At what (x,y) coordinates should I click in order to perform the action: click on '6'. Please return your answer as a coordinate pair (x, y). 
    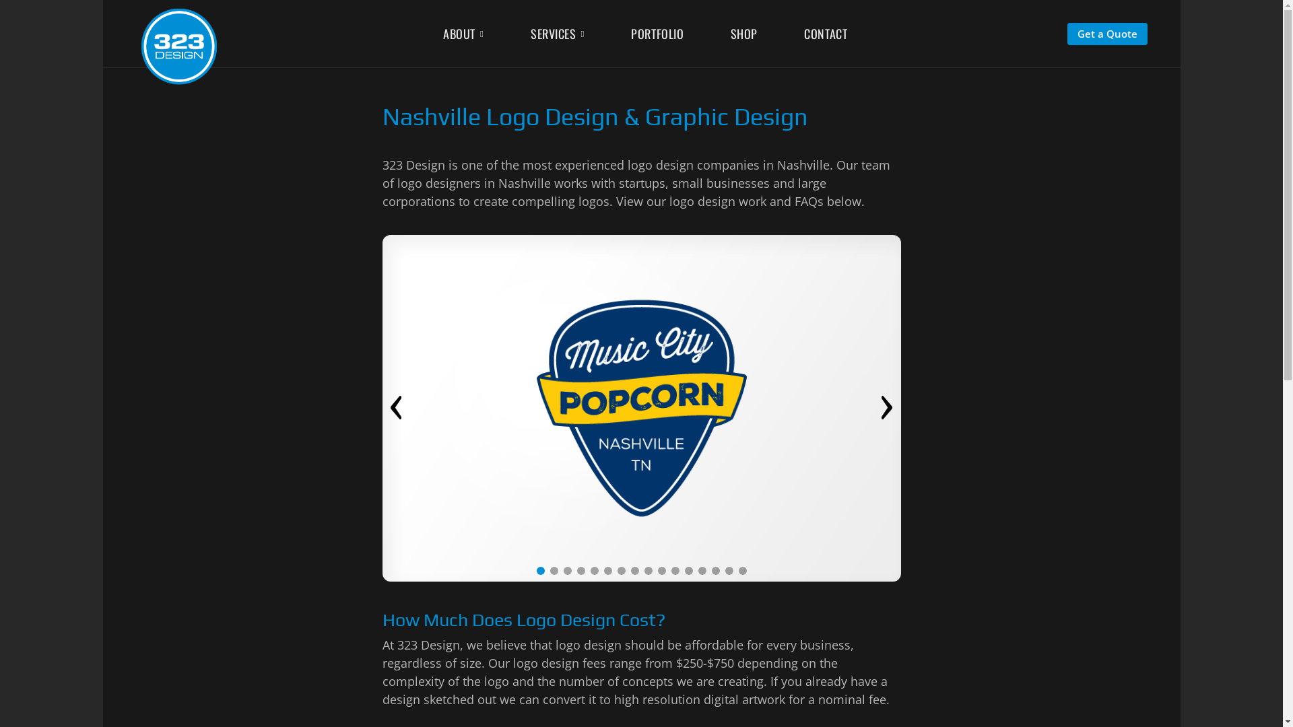
    Looking at the image, I should click on (607, 571).